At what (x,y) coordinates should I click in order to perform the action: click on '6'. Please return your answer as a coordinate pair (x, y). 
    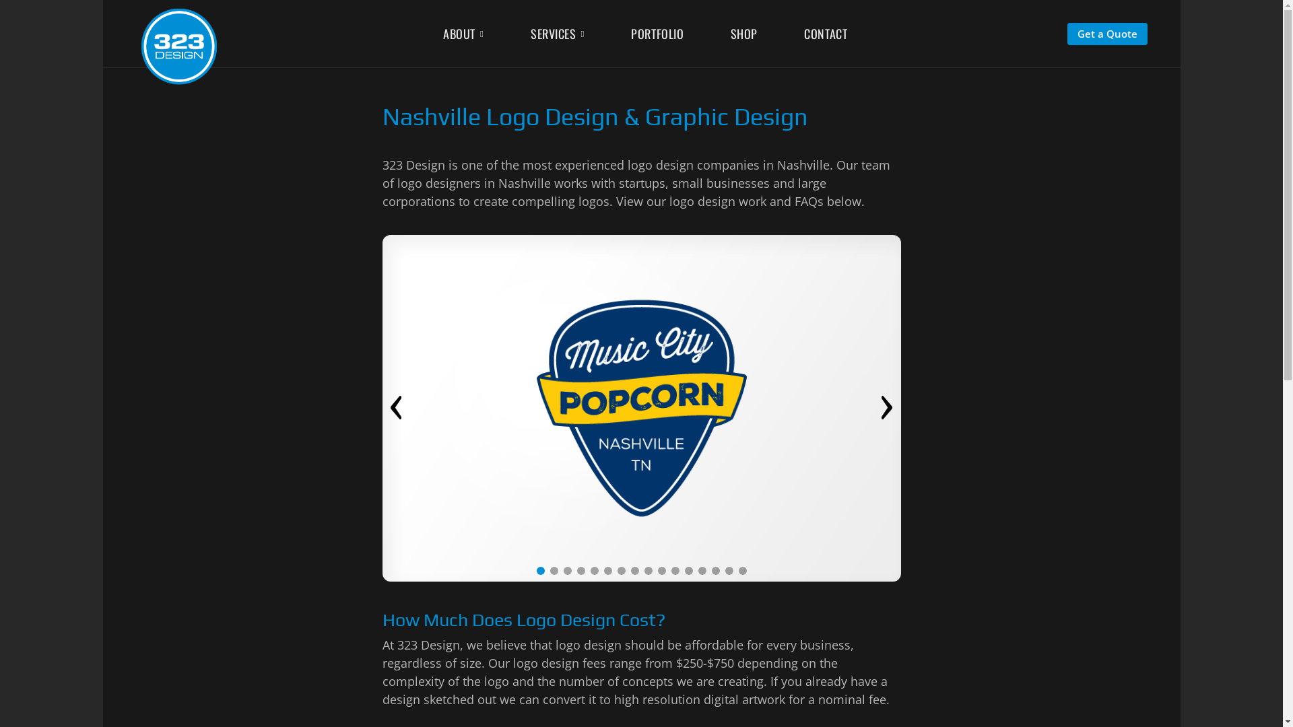
    Looking at the image, I should click on (607, 571).